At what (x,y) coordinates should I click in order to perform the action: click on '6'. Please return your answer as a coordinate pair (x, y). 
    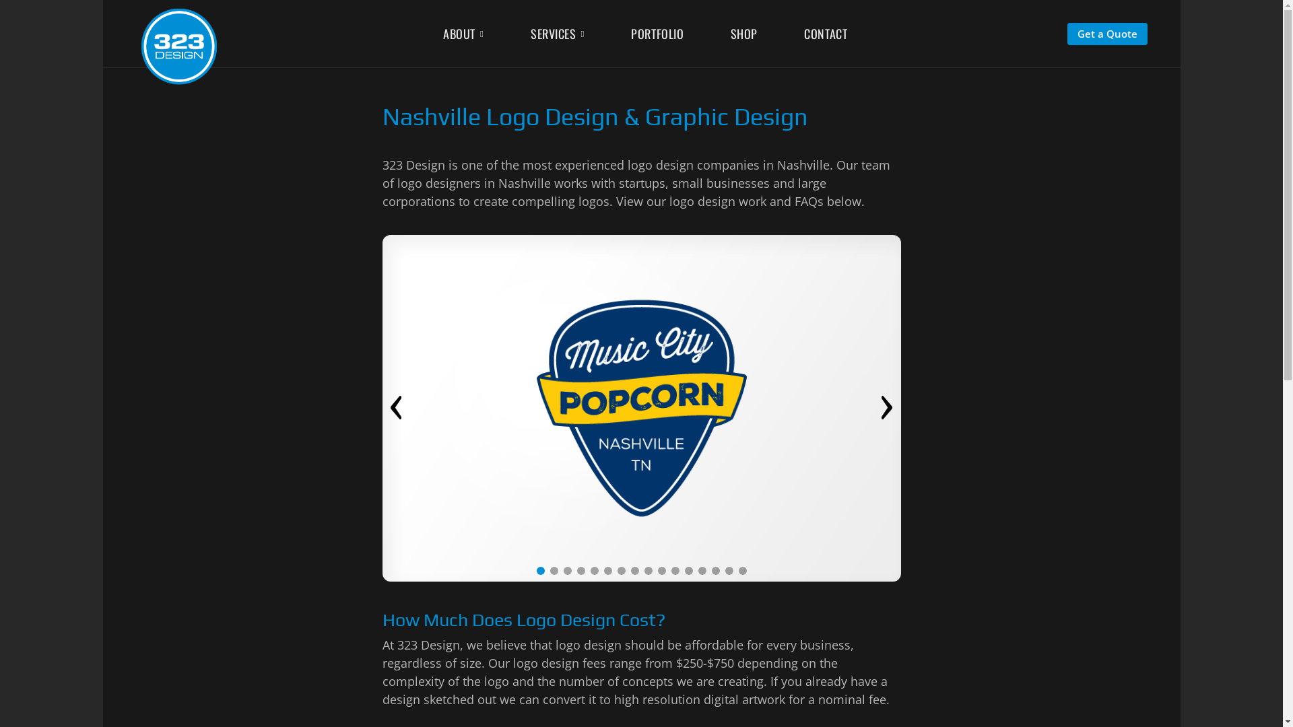
    Looking at the image, I should click on (607, 571).